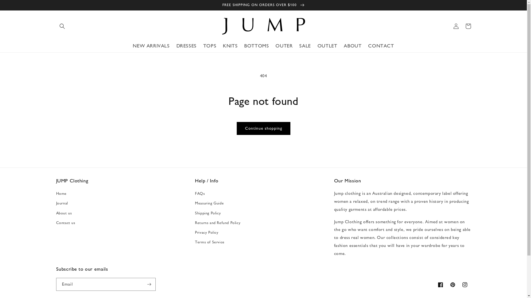 Image resolution: width=531 pixels, height=298 pixels. I want to click on 'DRESSES', so click(186, 46).